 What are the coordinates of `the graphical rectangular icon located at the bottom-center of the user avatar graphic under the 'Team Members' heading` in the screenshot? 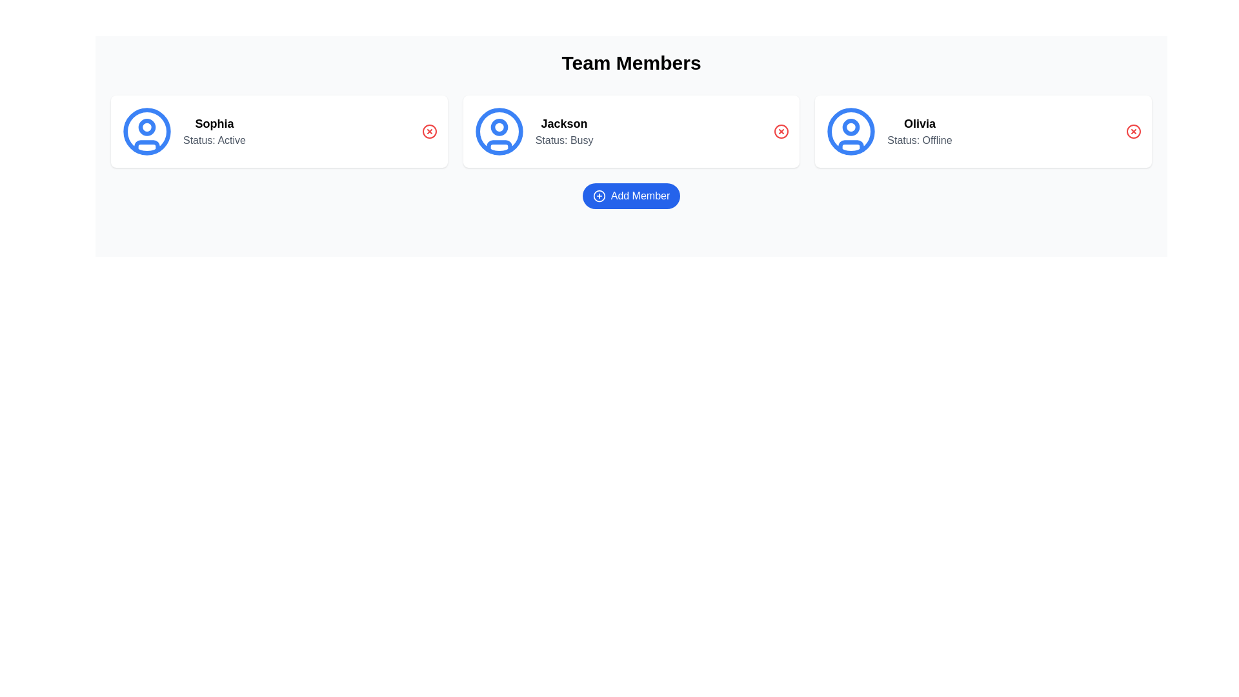 It's located at (146, 145).